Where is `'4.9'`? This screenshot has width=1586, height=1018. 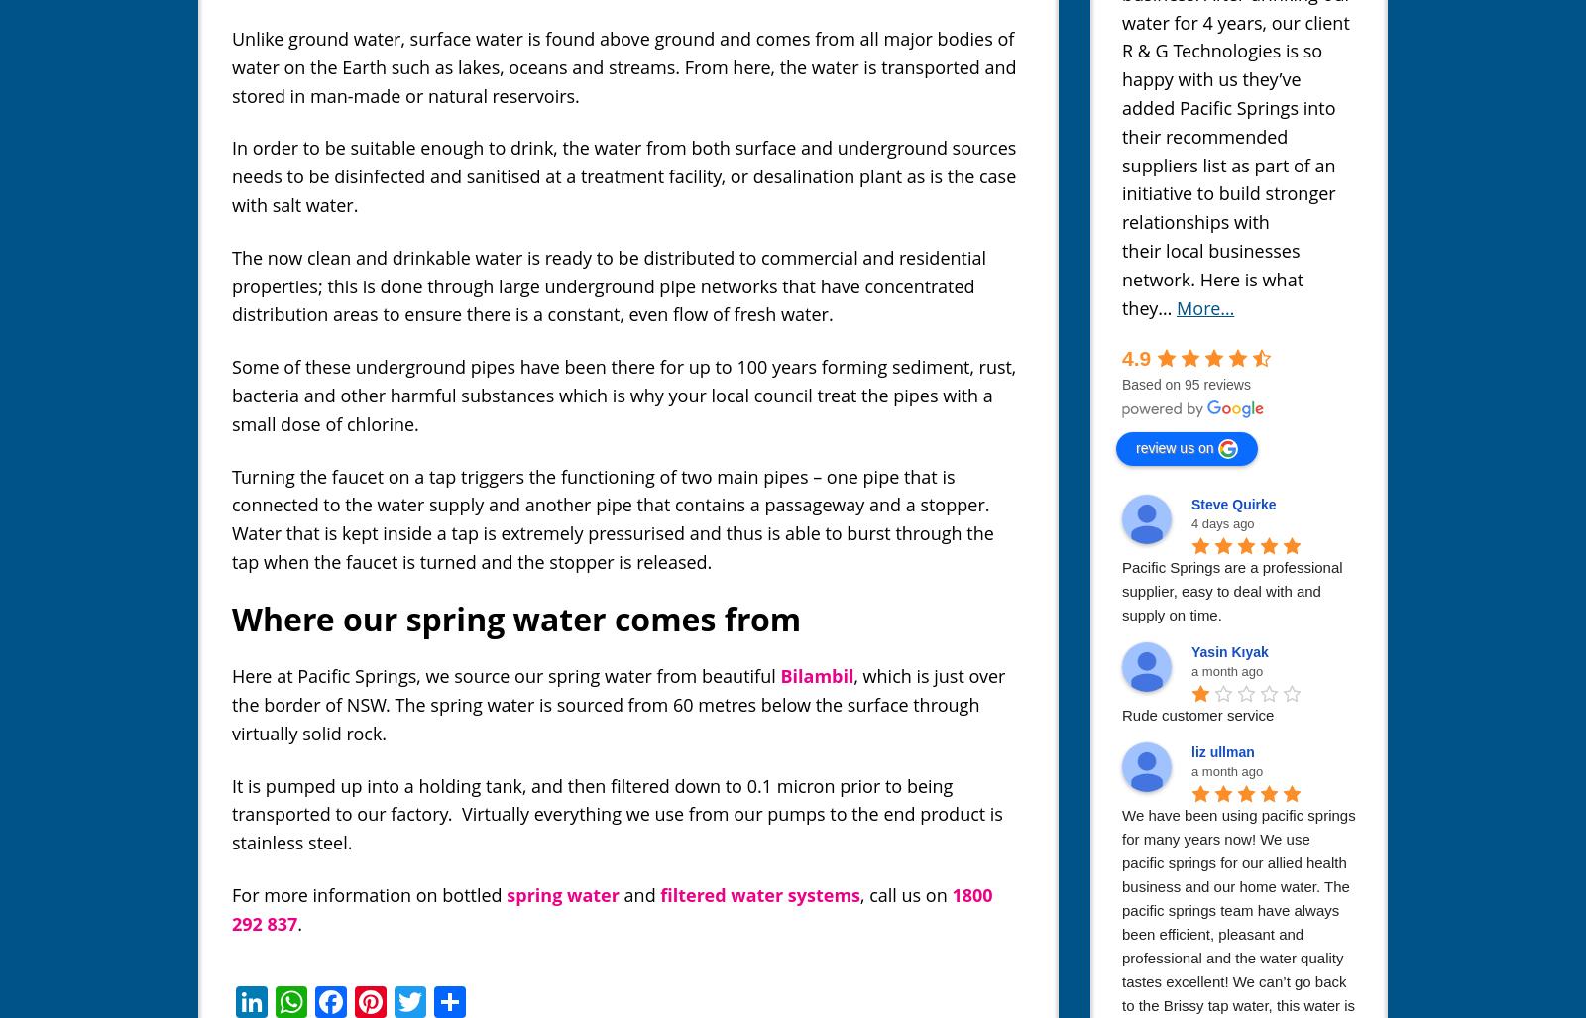 '4.9' is located at coordinates (1136, 357).